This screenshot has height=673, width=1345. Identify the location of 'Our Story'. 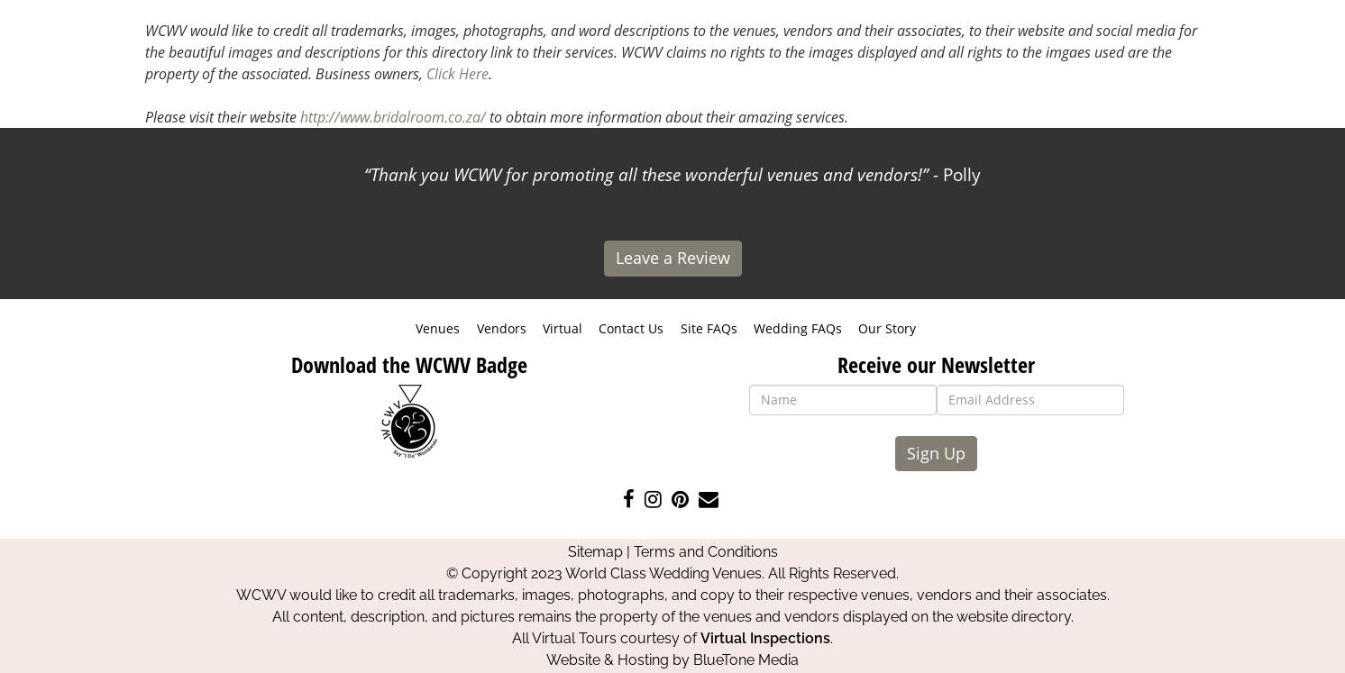
(885, 327).